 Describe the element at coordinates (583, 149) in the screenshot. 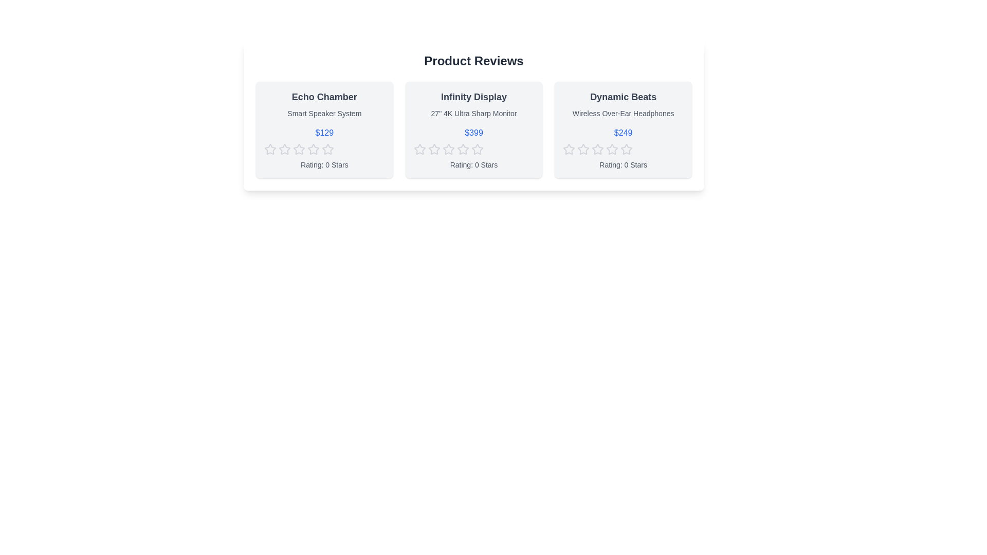

I see `the third star icon from the left in the rating stars for the 'Dynamic Beats' product located in the 'Product Reviews' section` at that location.